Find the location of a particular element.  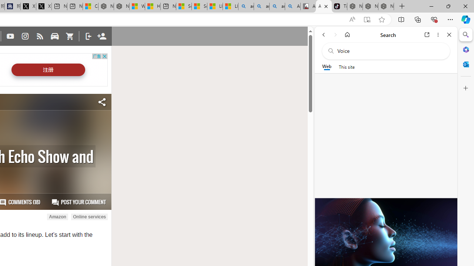

'Amazon' is located at coordinates (57, 216).